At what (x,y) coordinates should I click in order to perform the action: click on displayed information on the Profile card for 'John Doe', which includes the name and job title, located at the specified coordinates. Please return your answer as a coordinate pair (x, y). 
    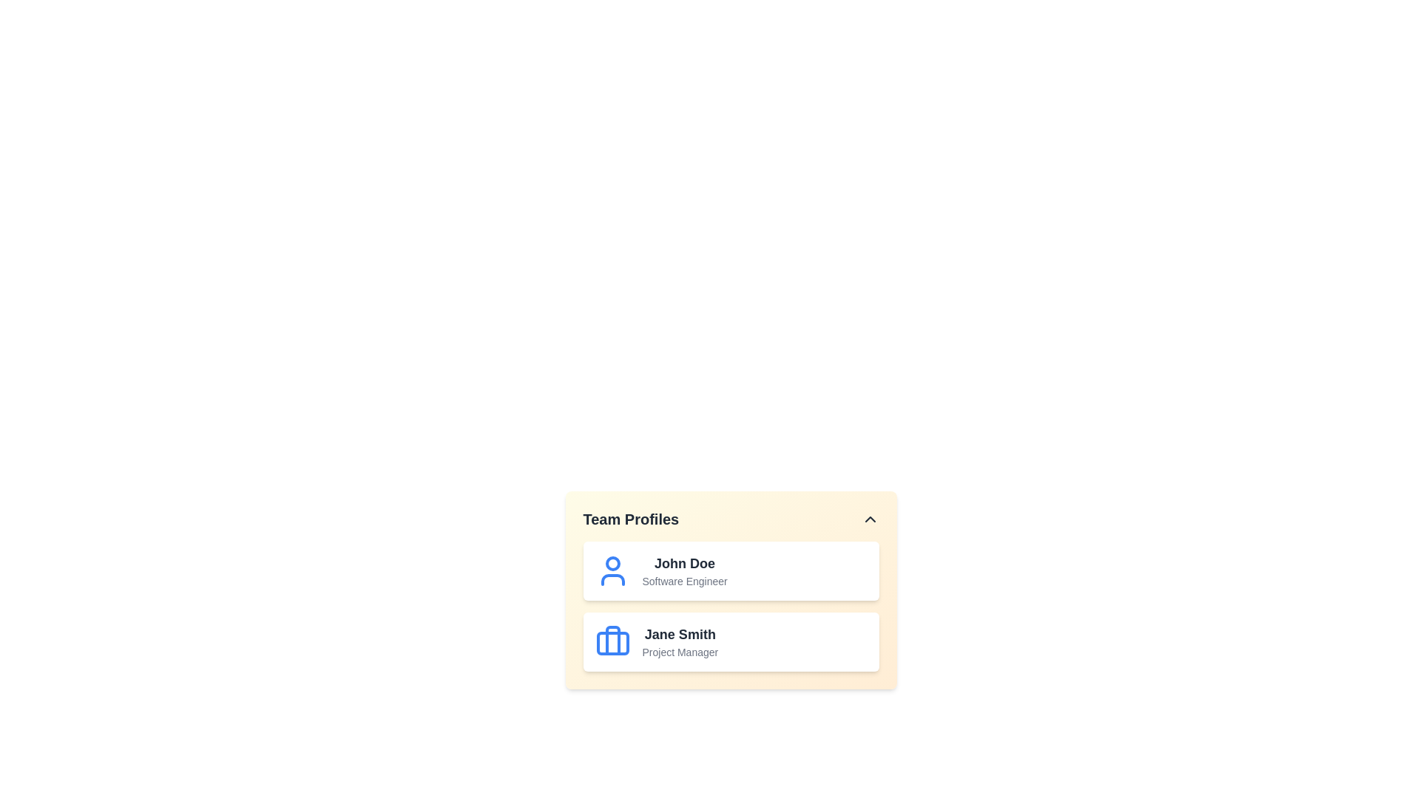
    Looking at the image, I should click on (731, 570).